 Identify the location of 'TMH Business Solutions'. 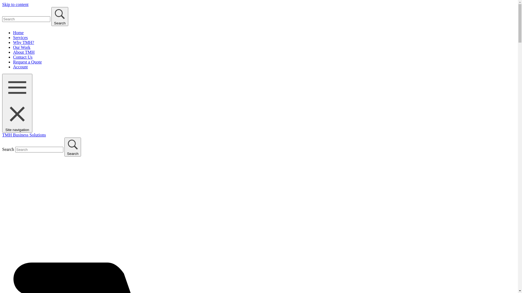
(24, 135).